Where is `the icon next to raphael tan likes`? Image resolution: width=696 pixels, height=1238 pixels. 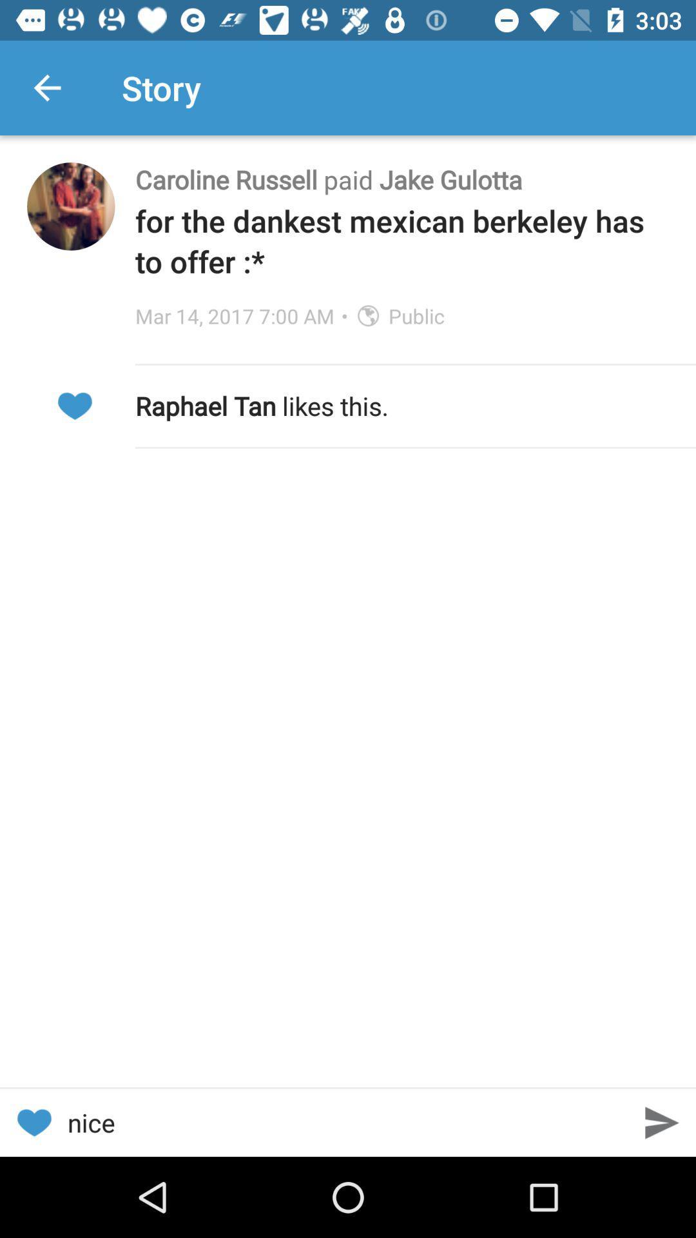
the icon next to raphael tan likes is located at coordinates (74, 405).